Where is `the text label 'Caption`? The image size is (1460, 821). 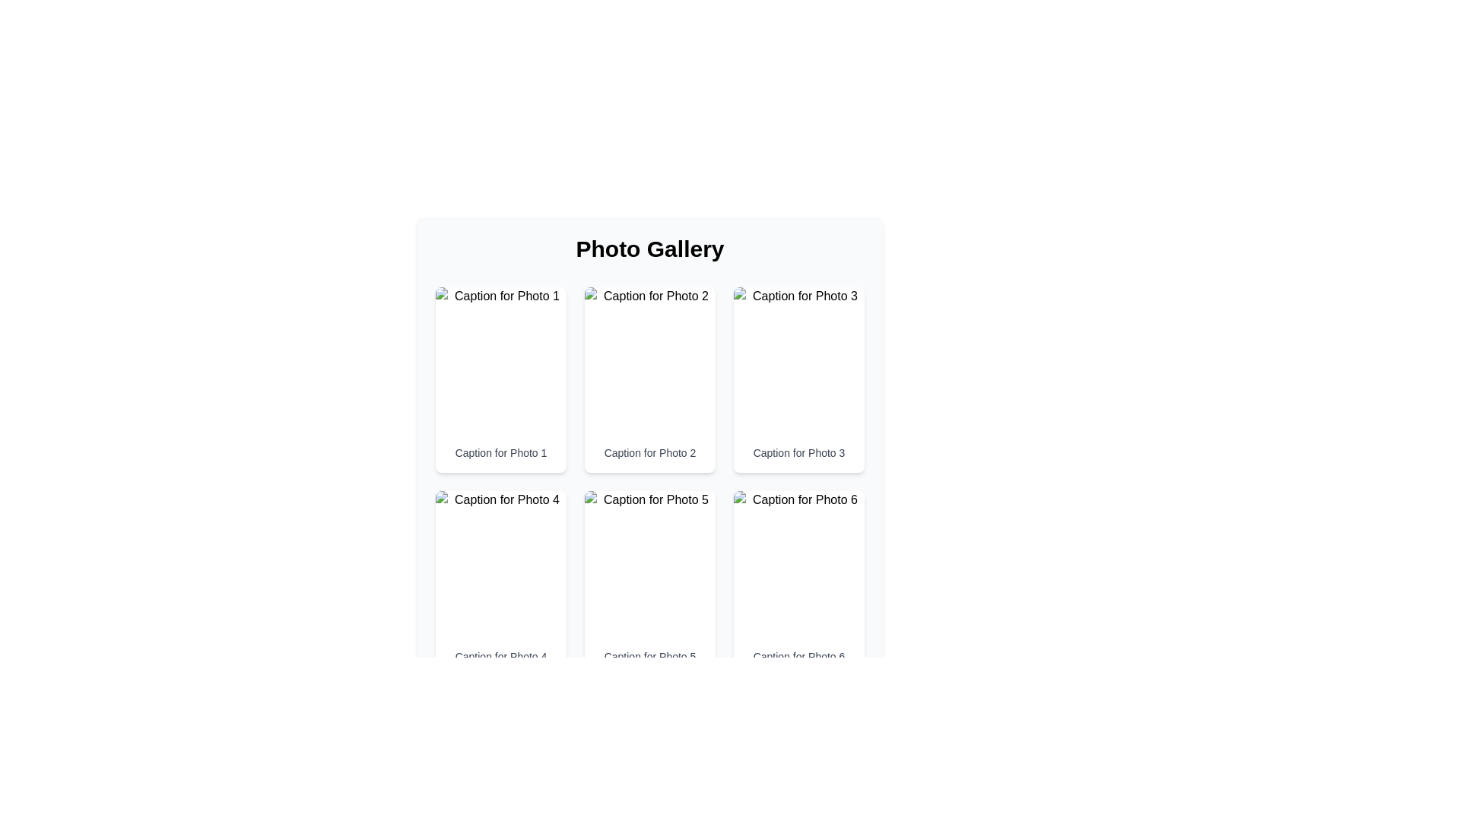
the text label 'Caption is located at coordinates (649, 656).